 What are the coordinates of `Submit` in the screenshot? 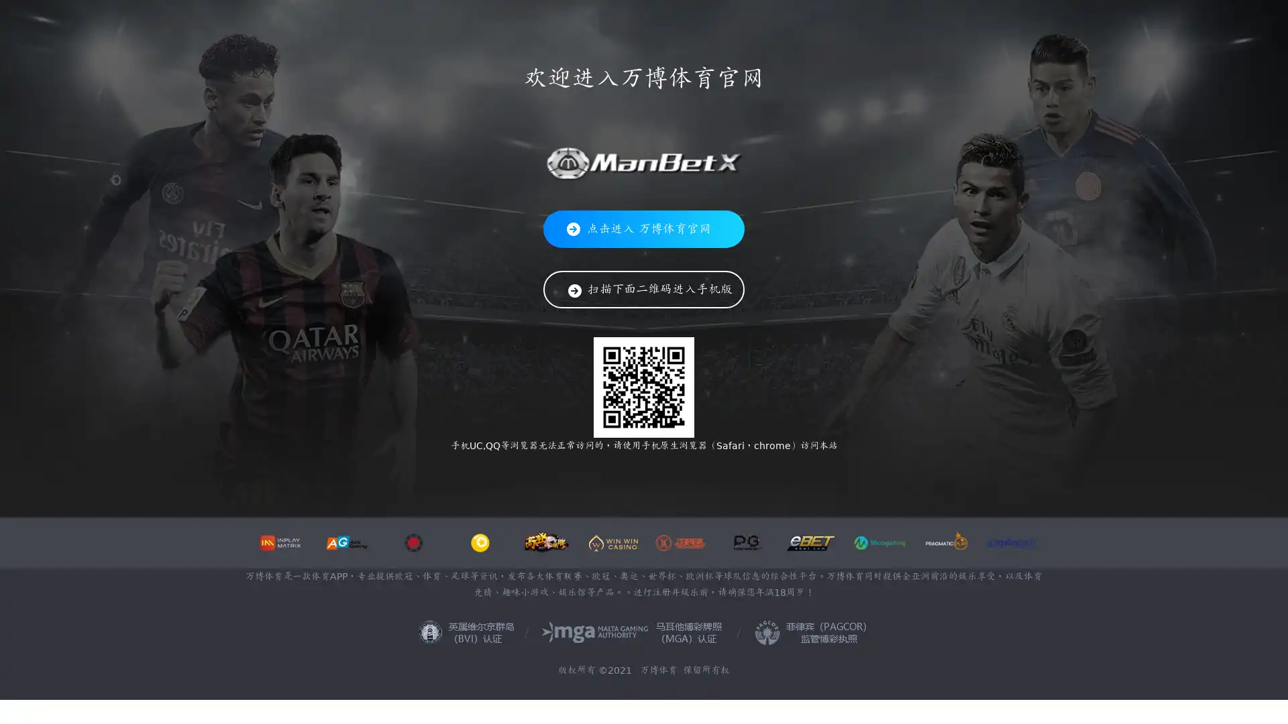 It's located at (975, 26).